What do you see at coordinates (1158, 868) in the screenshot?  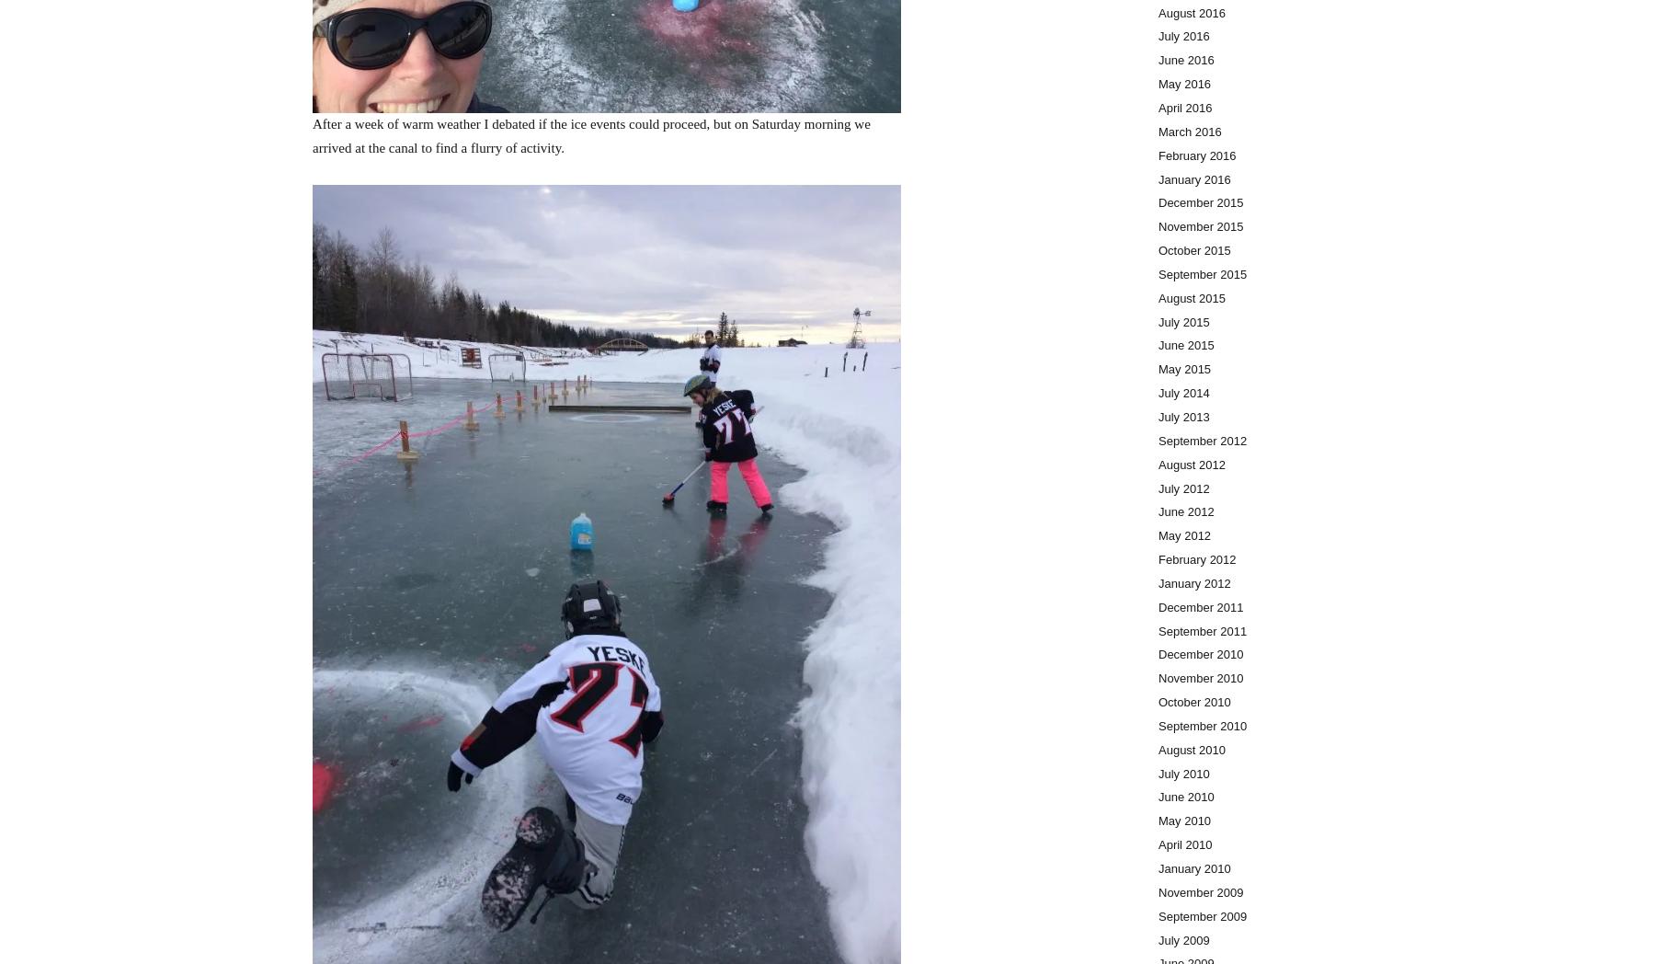 I see `'January 2010'` at bounding box center [1158, 868].